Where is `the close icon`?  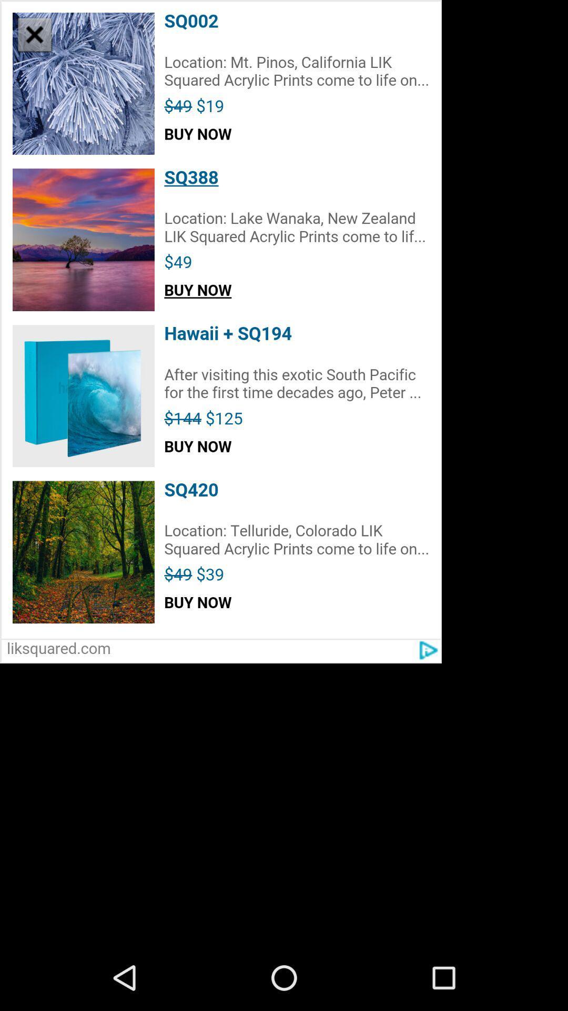
the close icon is located at coordinates (34, 37).